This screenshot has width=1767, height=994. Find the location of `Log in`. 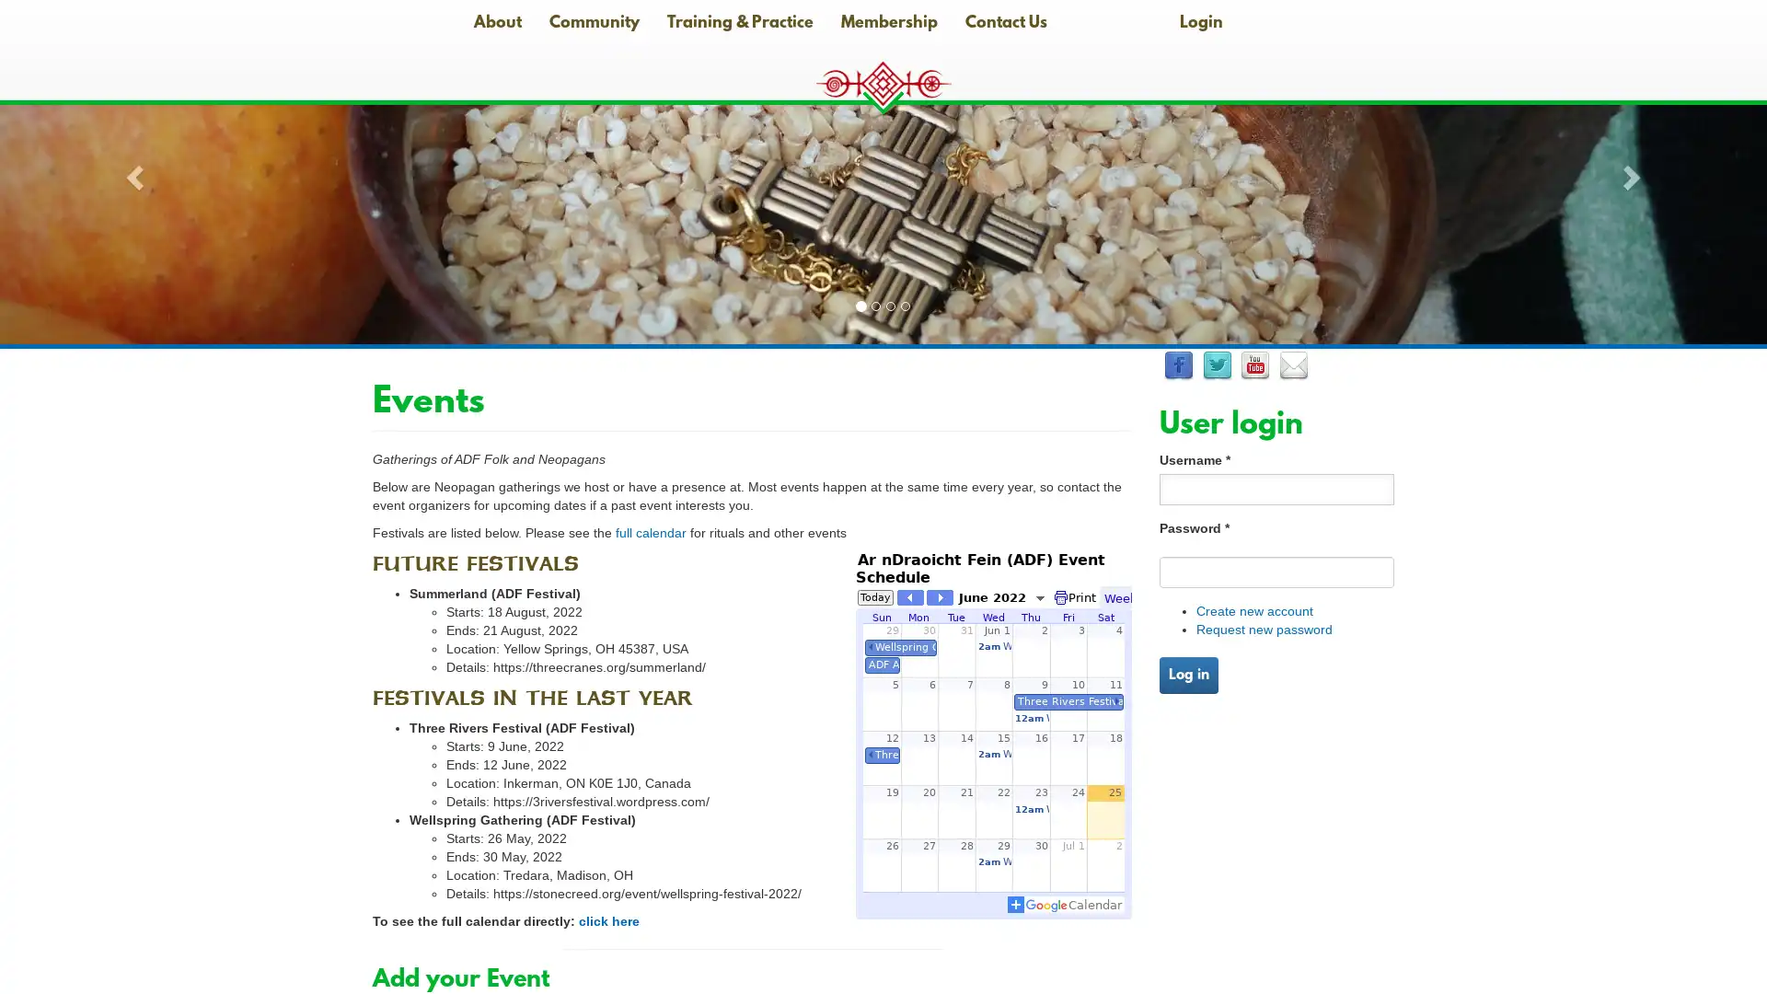

Log in is located at coordinates (1188, 674).